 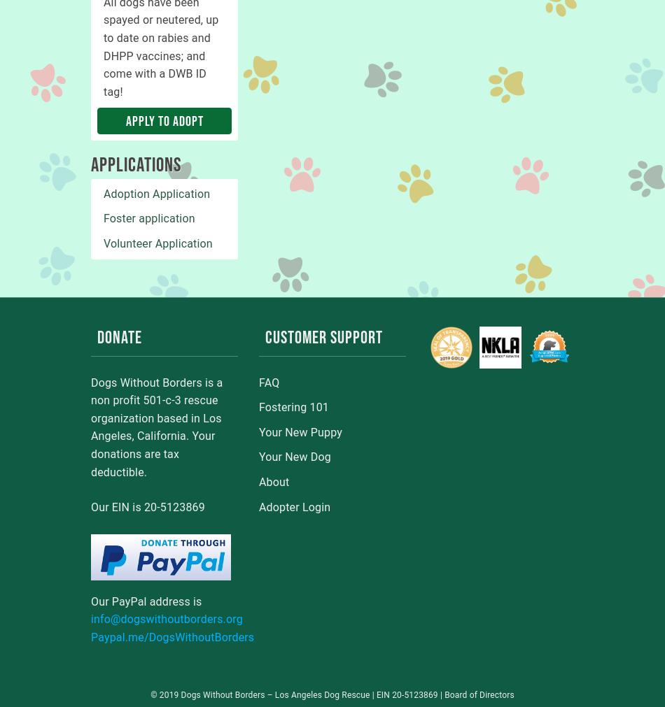 What do you see at coordinates (479, 695) in the screenshot?
I see `'Board of Directors'` at bounding box center [479, 695].